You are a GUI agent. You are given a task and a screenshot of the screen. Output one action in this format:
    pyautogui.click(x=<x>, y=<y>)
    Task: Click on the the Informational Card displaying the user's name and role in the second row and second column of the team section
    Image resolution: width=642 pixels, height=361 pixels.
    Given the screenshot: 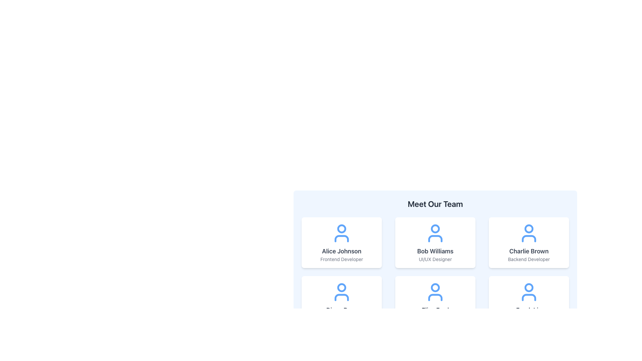 What is the action you would take?
    pyautogui.click(x=435, y=302)
    